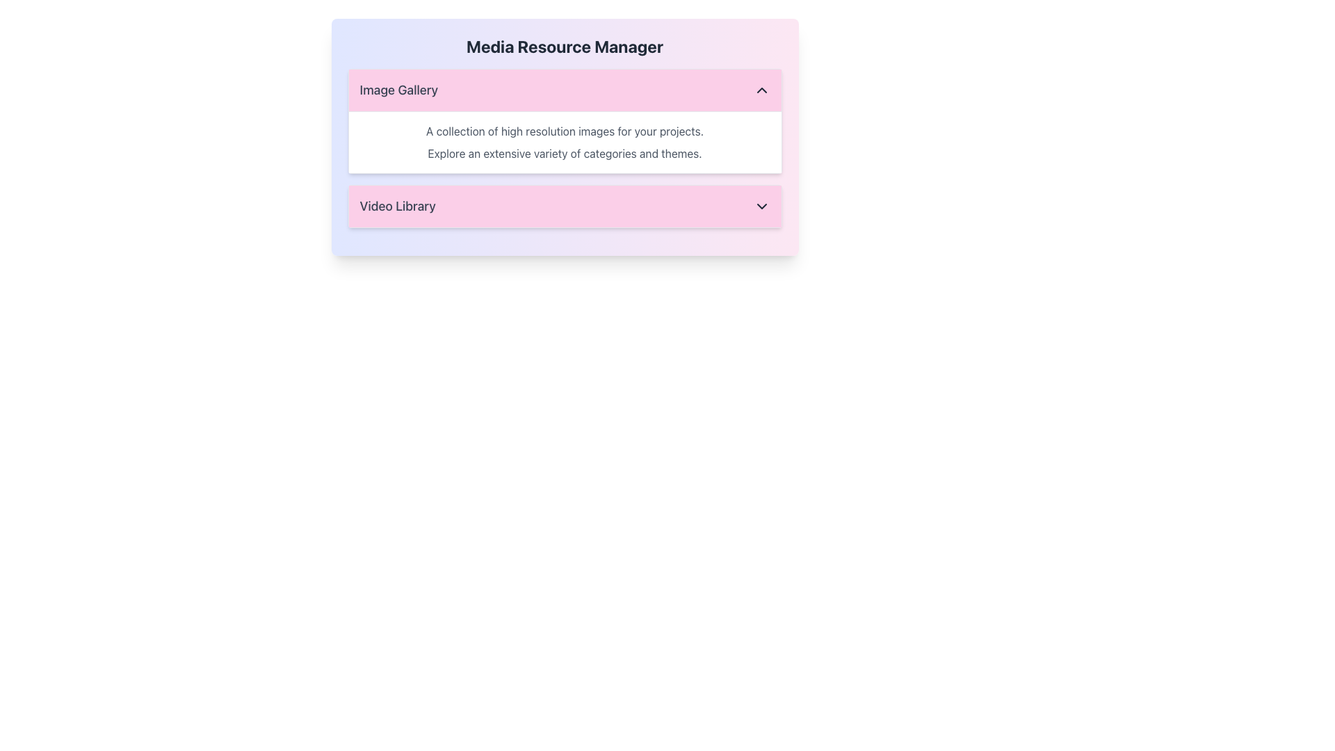 The height and width of the screenshot is (751, 1335). Describe the element at coordinates (398, 90) in the screenshot. I see `on the 'Image Gallery' title text located in the upper pink section of the interface` at that location.